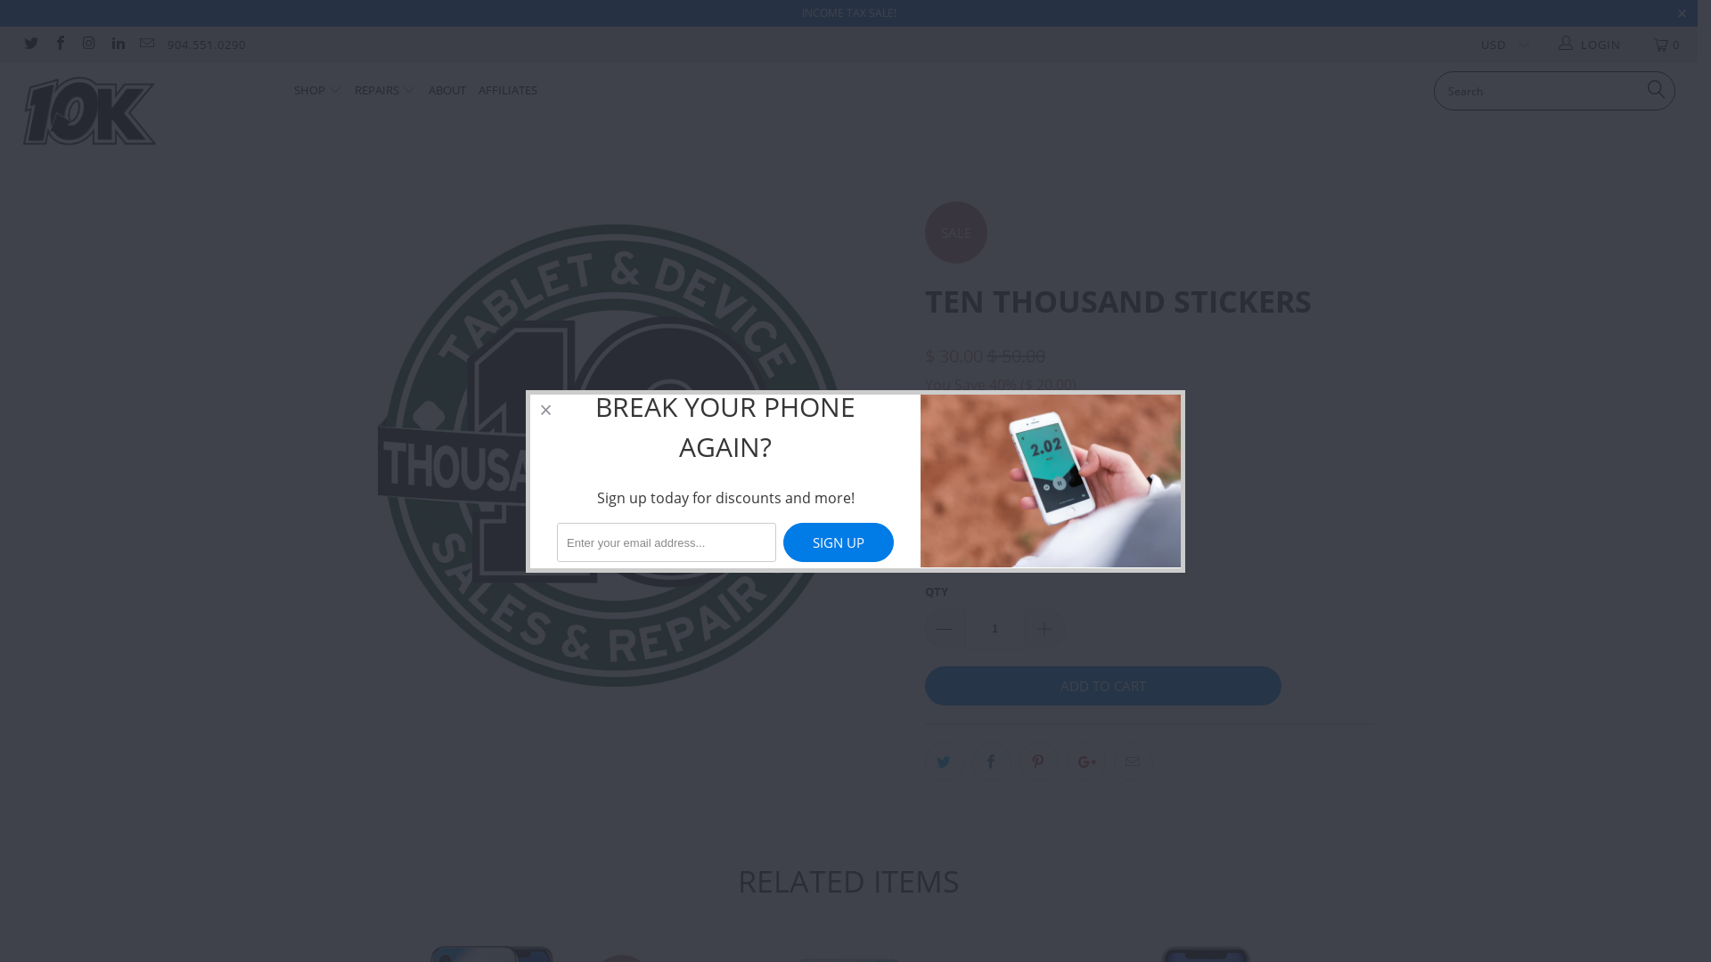 Image resolution: width=1711 pixels, height=962 pixels. What do you see at coordinates (29, 44) in the screenshot?
I see `'10,000 Cellphones, Repairs, Tablets and Batteries on Twitter'` at bounding box center [29, 44].